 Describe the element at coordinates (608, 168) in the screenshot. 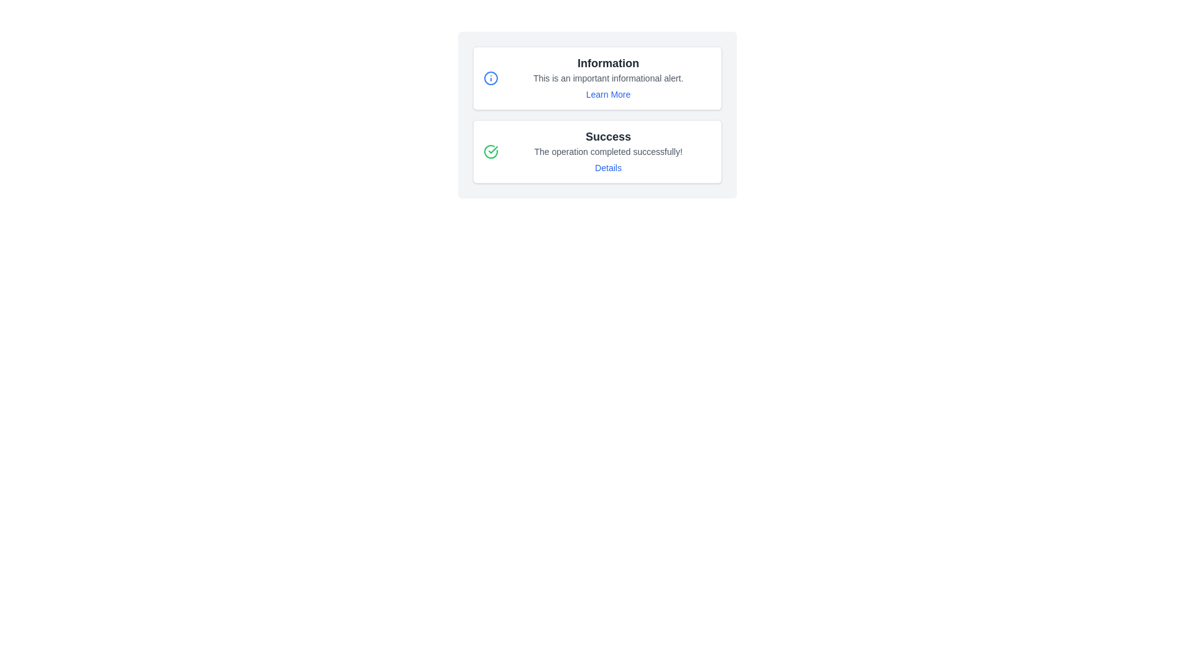

I see `the hyperlink located in the bottom right of the 'Success' notification card` at that location.